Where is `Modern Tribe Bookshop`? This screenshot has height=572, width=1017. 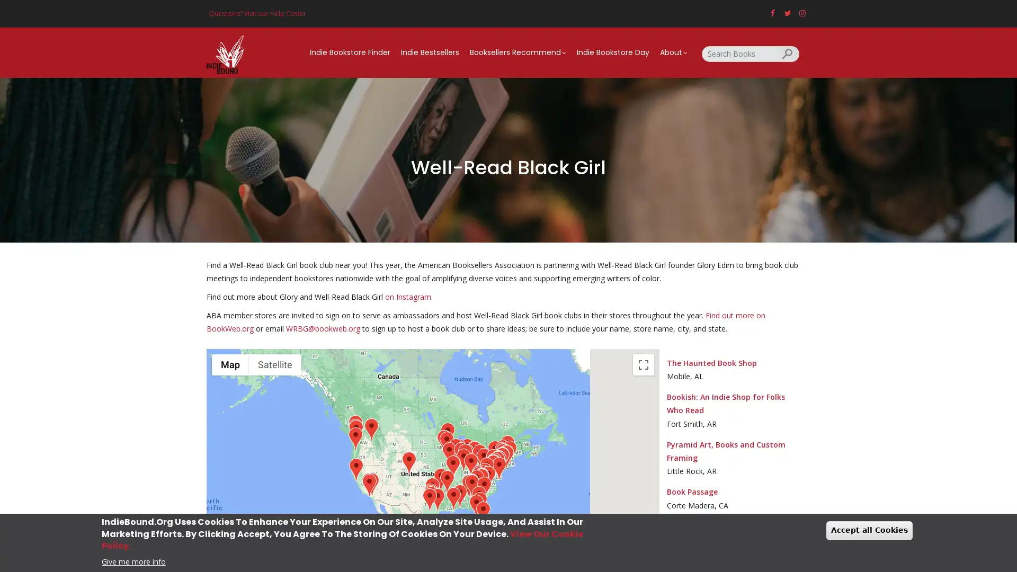 Modern Tribe Bookshop is located at coordinates (430, 494).